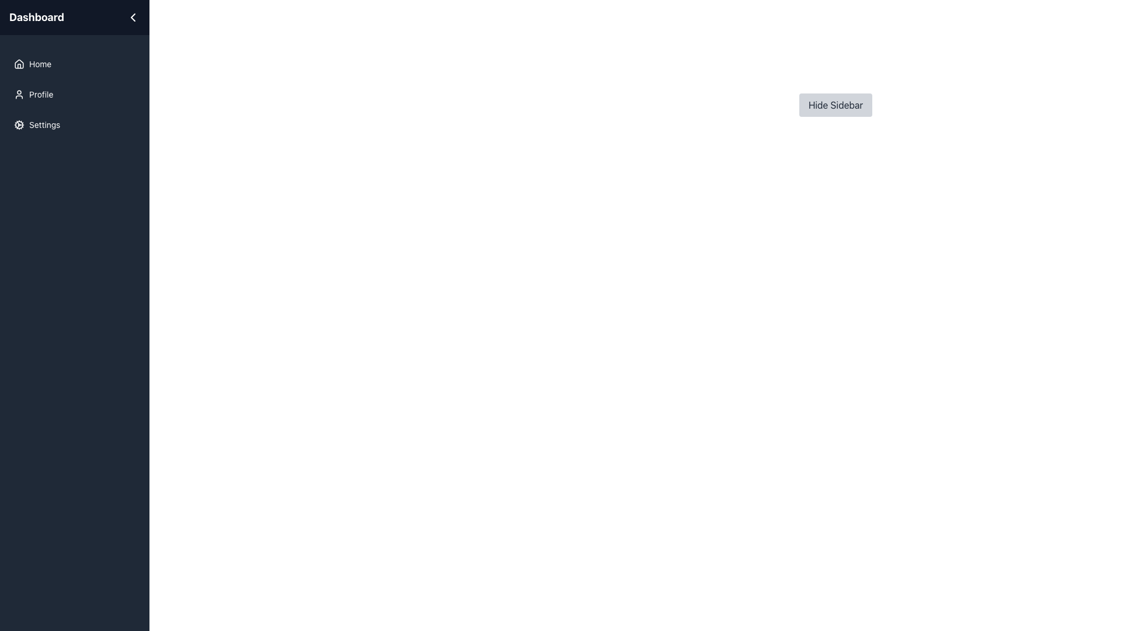  What do you see at coordinates (19, 64) in the screenshot?
I see `the context of the 'Home' icon located in the sidebar menu, which is the first icon next to the 'Home' label` at bounding box center [19, 64].